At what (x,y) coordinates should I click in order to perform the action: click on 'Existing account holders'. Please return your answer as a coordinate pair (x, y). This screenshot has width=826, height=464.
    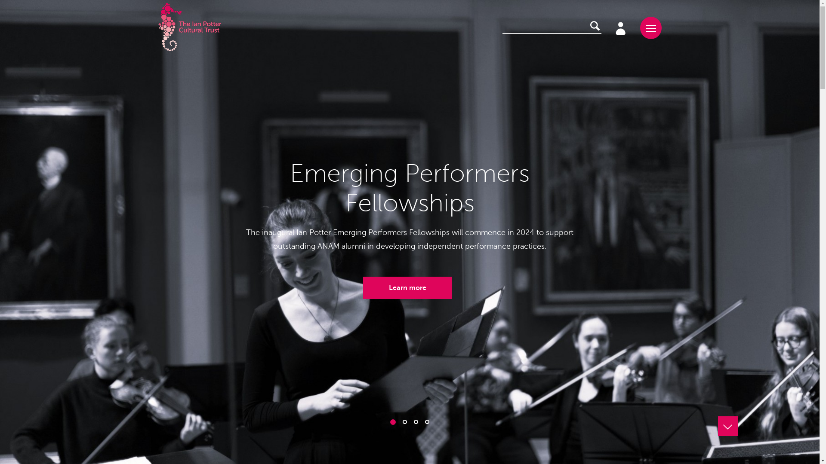
    Looking at the image, I should click on (619, 27).